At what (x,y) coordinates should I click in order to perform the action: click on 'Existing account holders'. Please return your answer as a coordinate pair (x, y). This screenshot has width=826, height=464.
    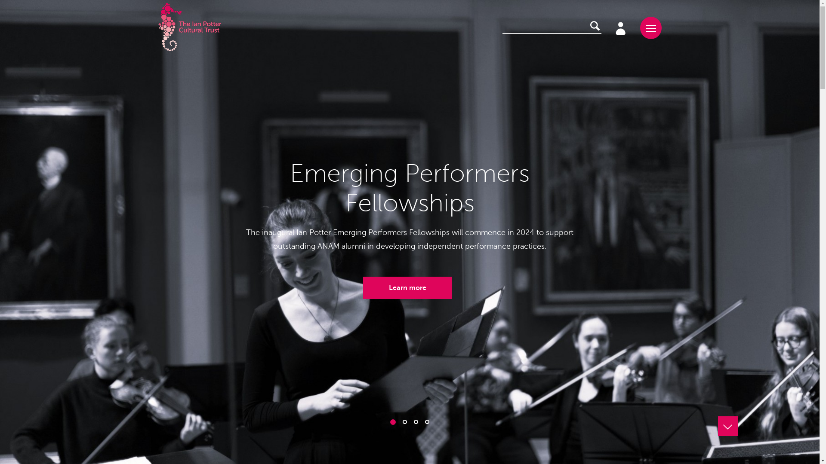
    Looking at the image, I should click on (619, 27).